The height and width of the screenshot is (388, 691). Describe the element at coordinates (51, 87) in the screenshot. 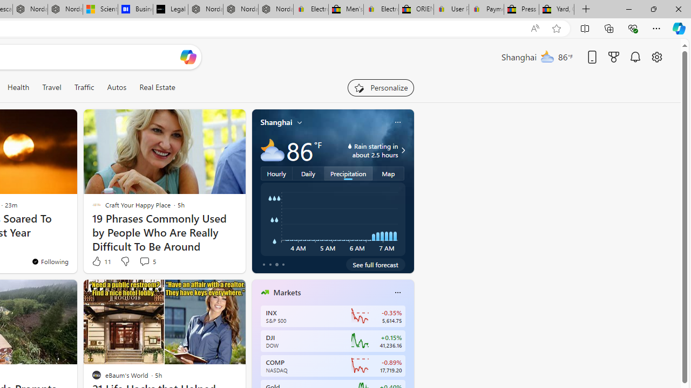

I see `'Travel'` at that location.